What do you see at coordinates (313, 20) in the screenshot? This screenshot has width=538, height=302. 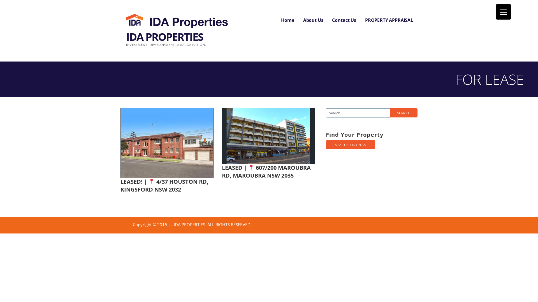 I see `'About Us'` at bounding box center [313, 20].